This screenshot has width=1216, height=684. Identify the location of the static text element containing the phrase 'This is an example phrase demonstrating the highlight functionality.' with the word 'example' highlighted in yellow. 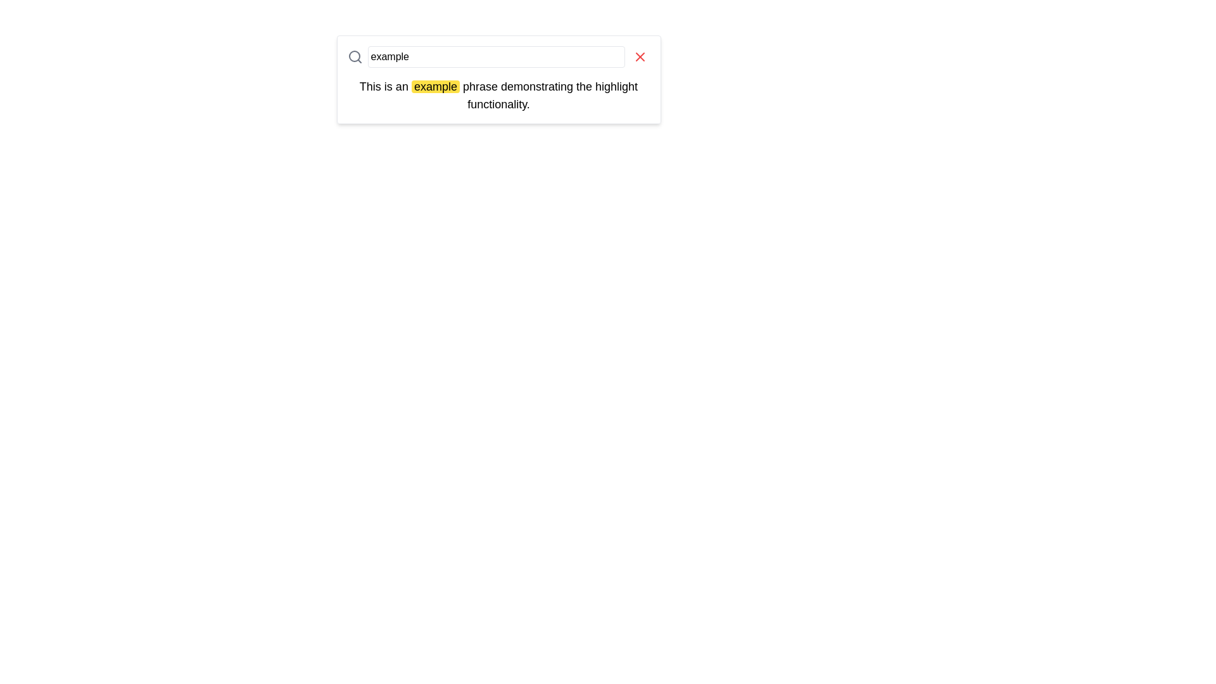
(498, 94).